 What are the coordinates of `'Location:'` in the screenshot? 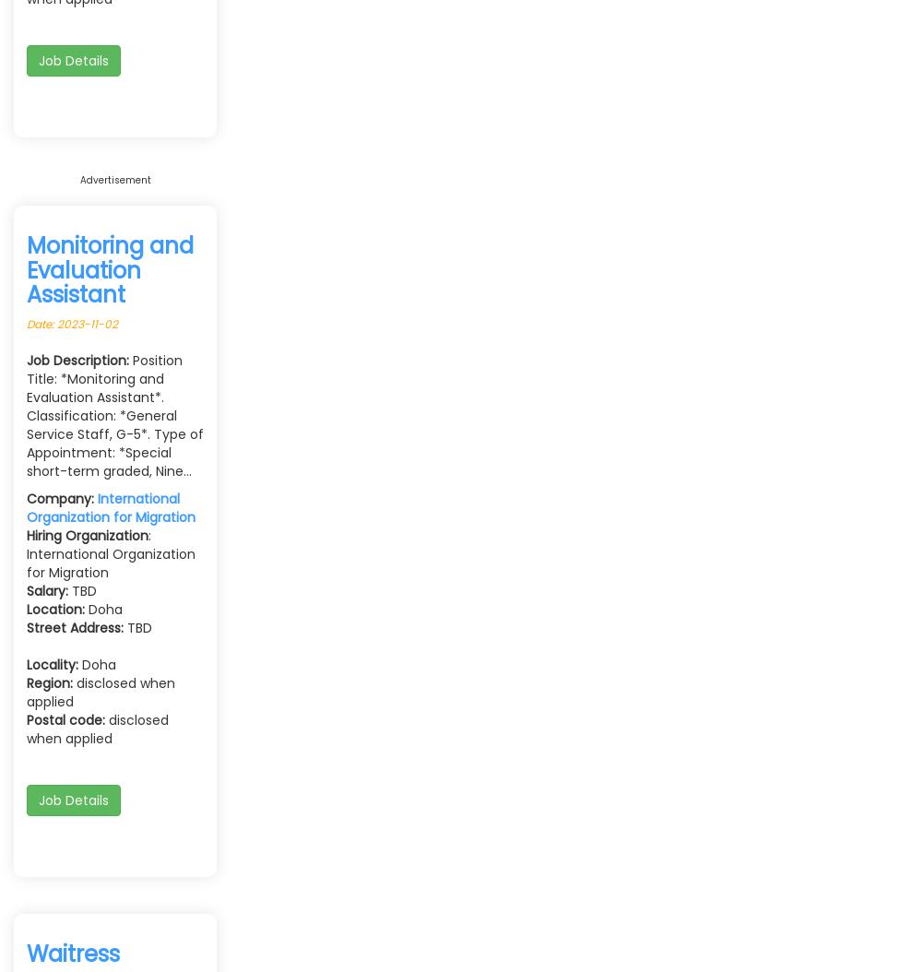 It's located at (26, 609).